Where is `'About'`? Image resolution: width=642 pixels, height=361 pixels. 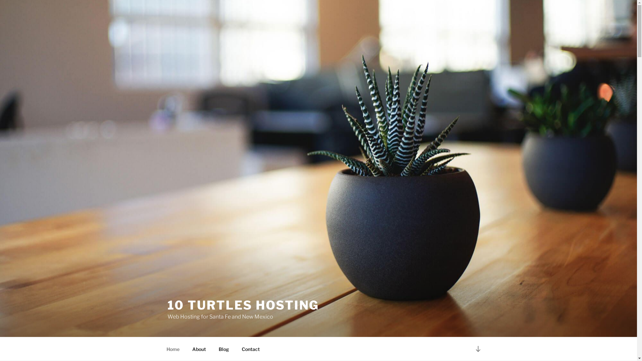 'About' is located at coordinates (186, 349).